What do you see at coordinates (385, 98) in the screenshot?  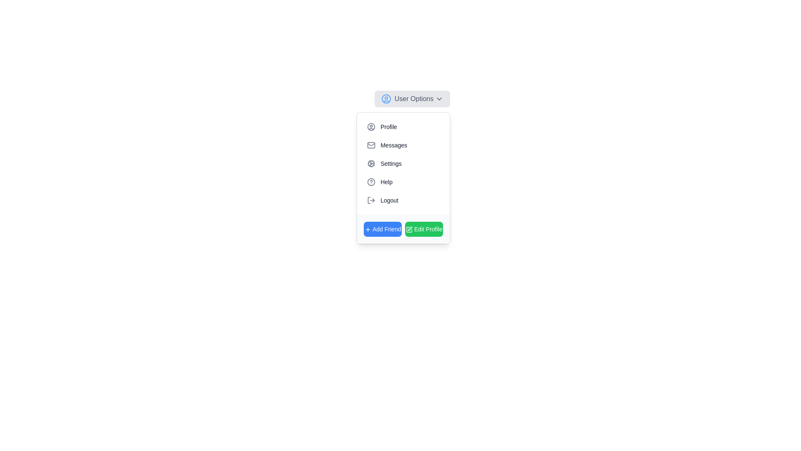 I see `the hollow blue circular icon located in the top-left corner of the dropdown menu within the 'User Options' section` at bounding box center [385, 98].